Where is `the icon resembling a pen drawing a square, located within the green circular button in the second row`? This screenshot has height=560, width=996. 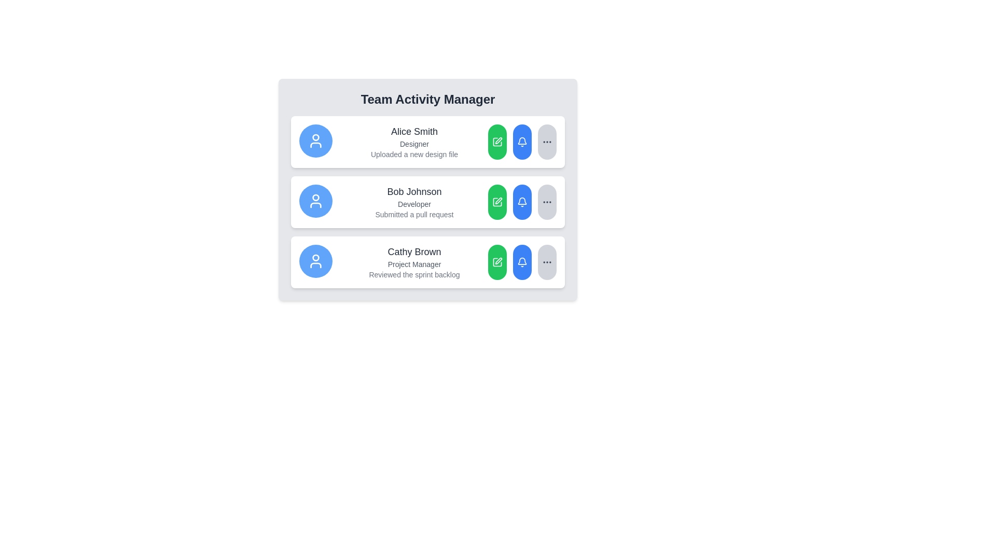 the icon resembling a pen drawing a square, located within the green circular button in the second row is located at coordinates (497, 202).